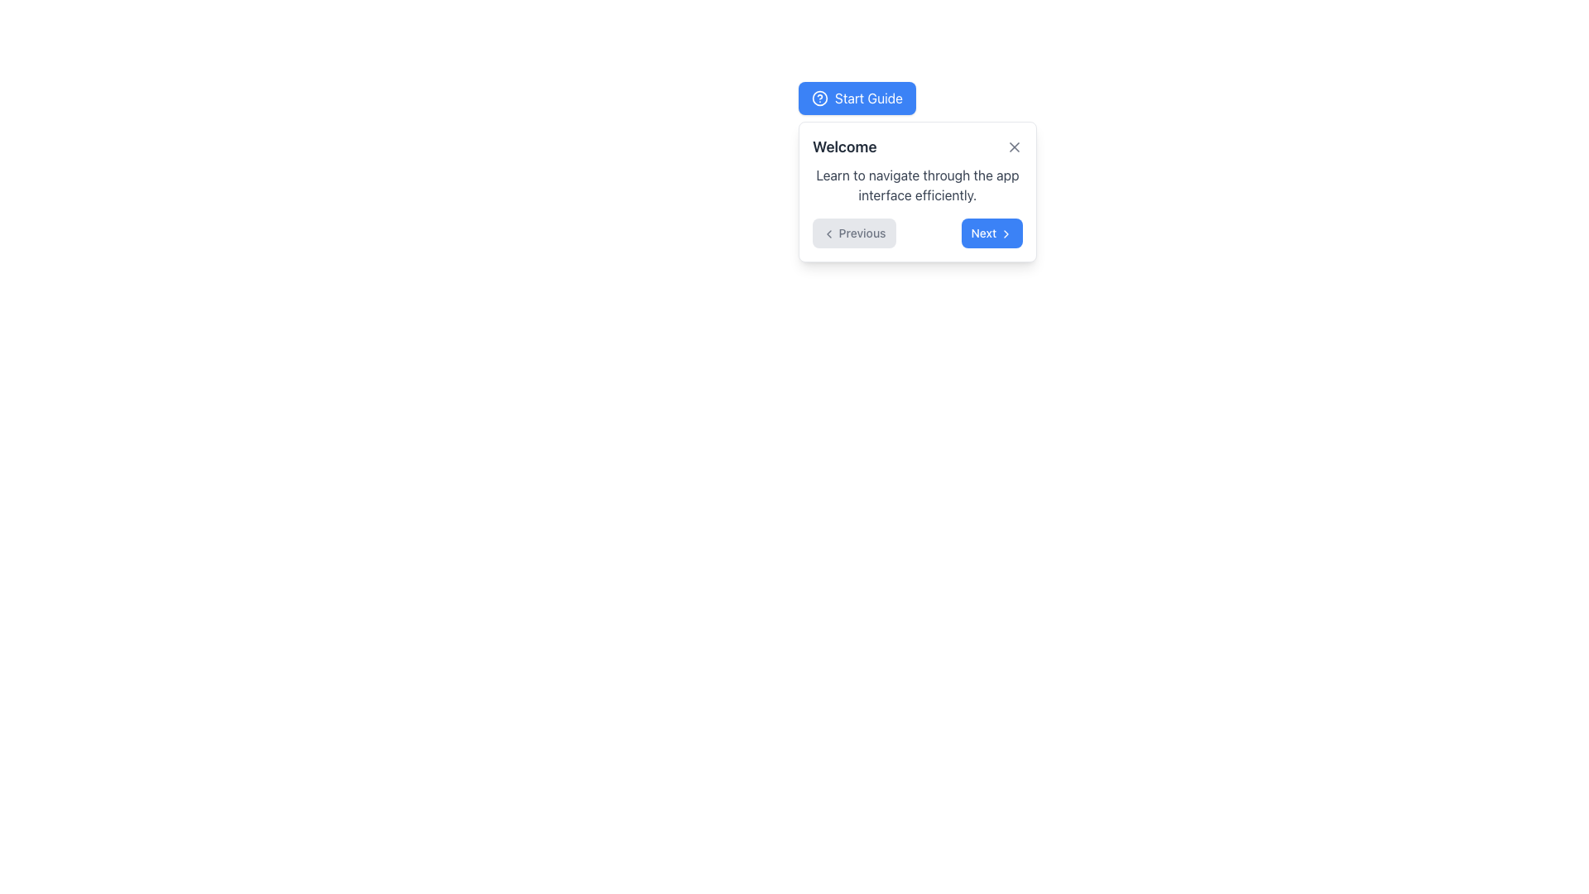 The image size is (1589, 894). What do you see at coordinates (1013, 146) in the screenshot?
I see `the small gray 'X' icon button located in the top-right corner of the 'Welcome' dialog box` at bounding box center [1013, 146].